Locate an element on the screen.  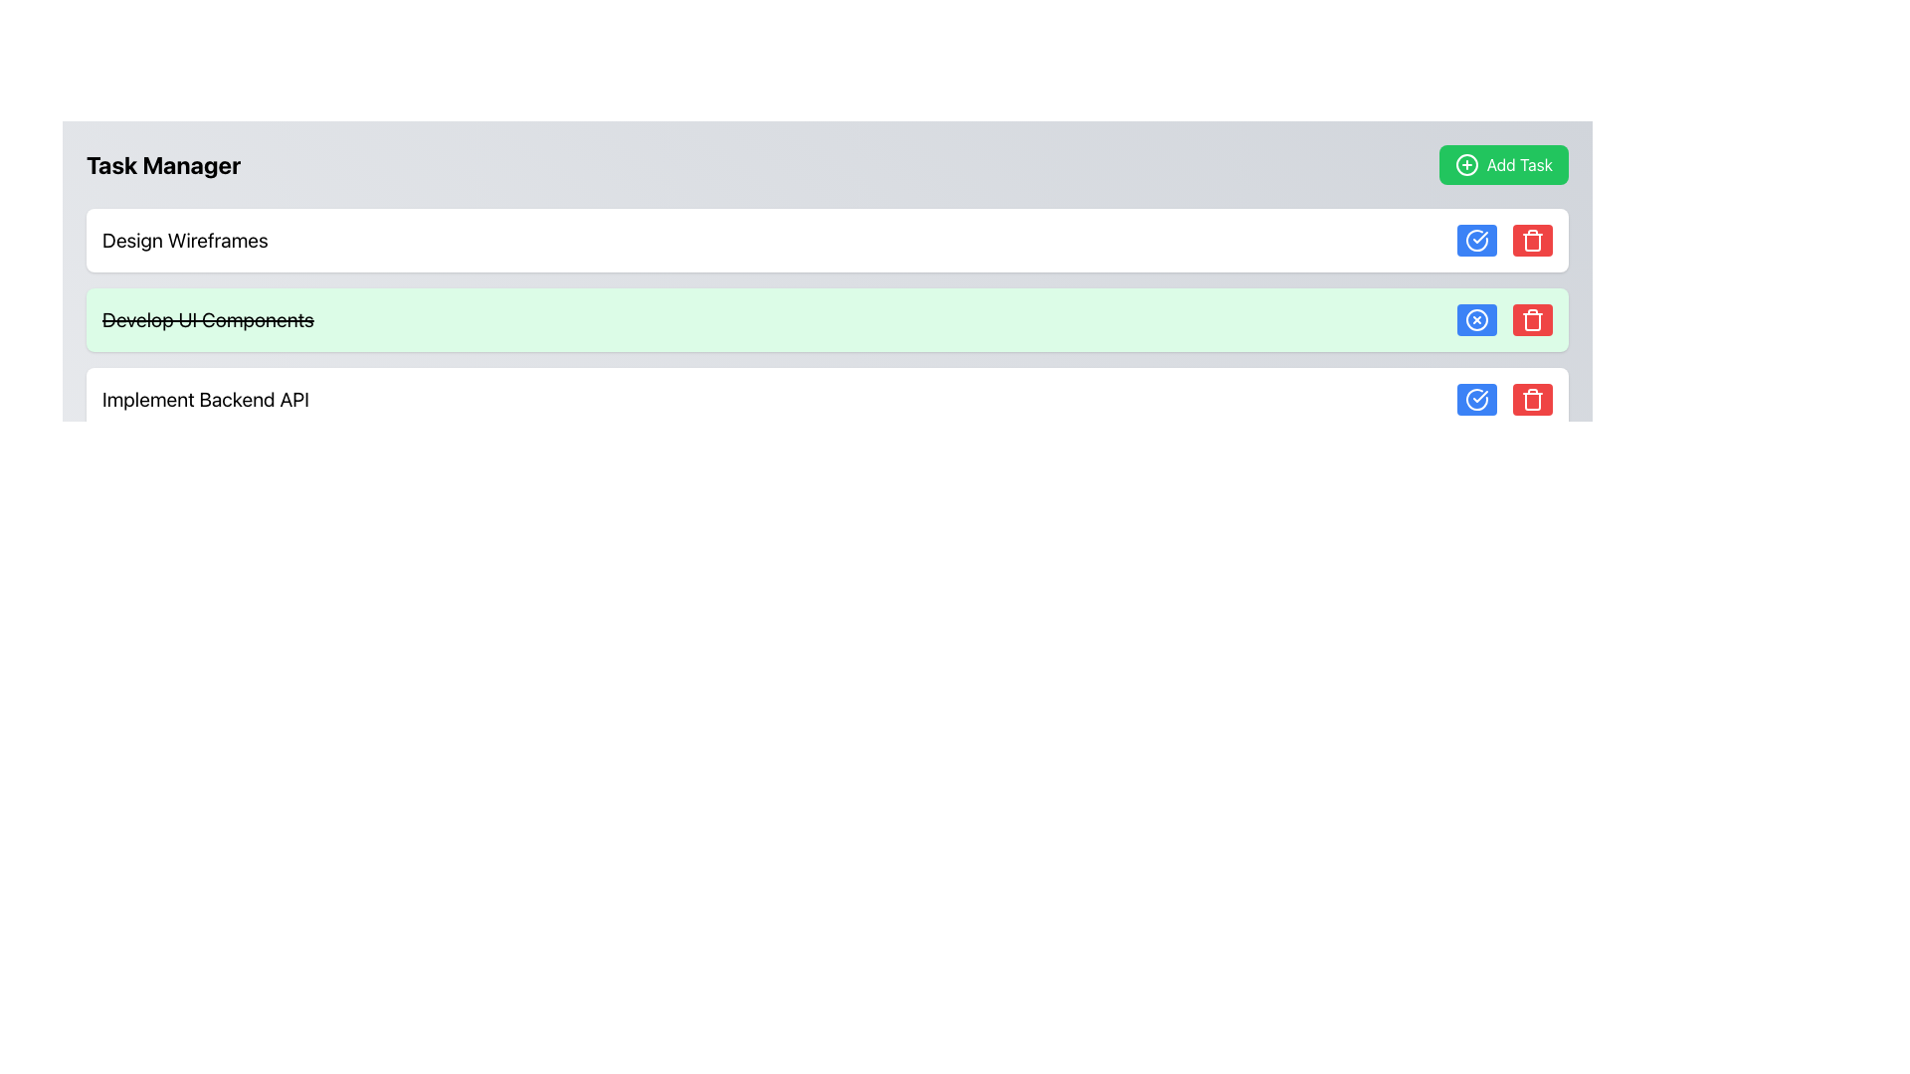
the hollow circle icon button with an 'X' mark inside, located next to the 'Develop UI Components' text is located at coordinates (1476, 318).